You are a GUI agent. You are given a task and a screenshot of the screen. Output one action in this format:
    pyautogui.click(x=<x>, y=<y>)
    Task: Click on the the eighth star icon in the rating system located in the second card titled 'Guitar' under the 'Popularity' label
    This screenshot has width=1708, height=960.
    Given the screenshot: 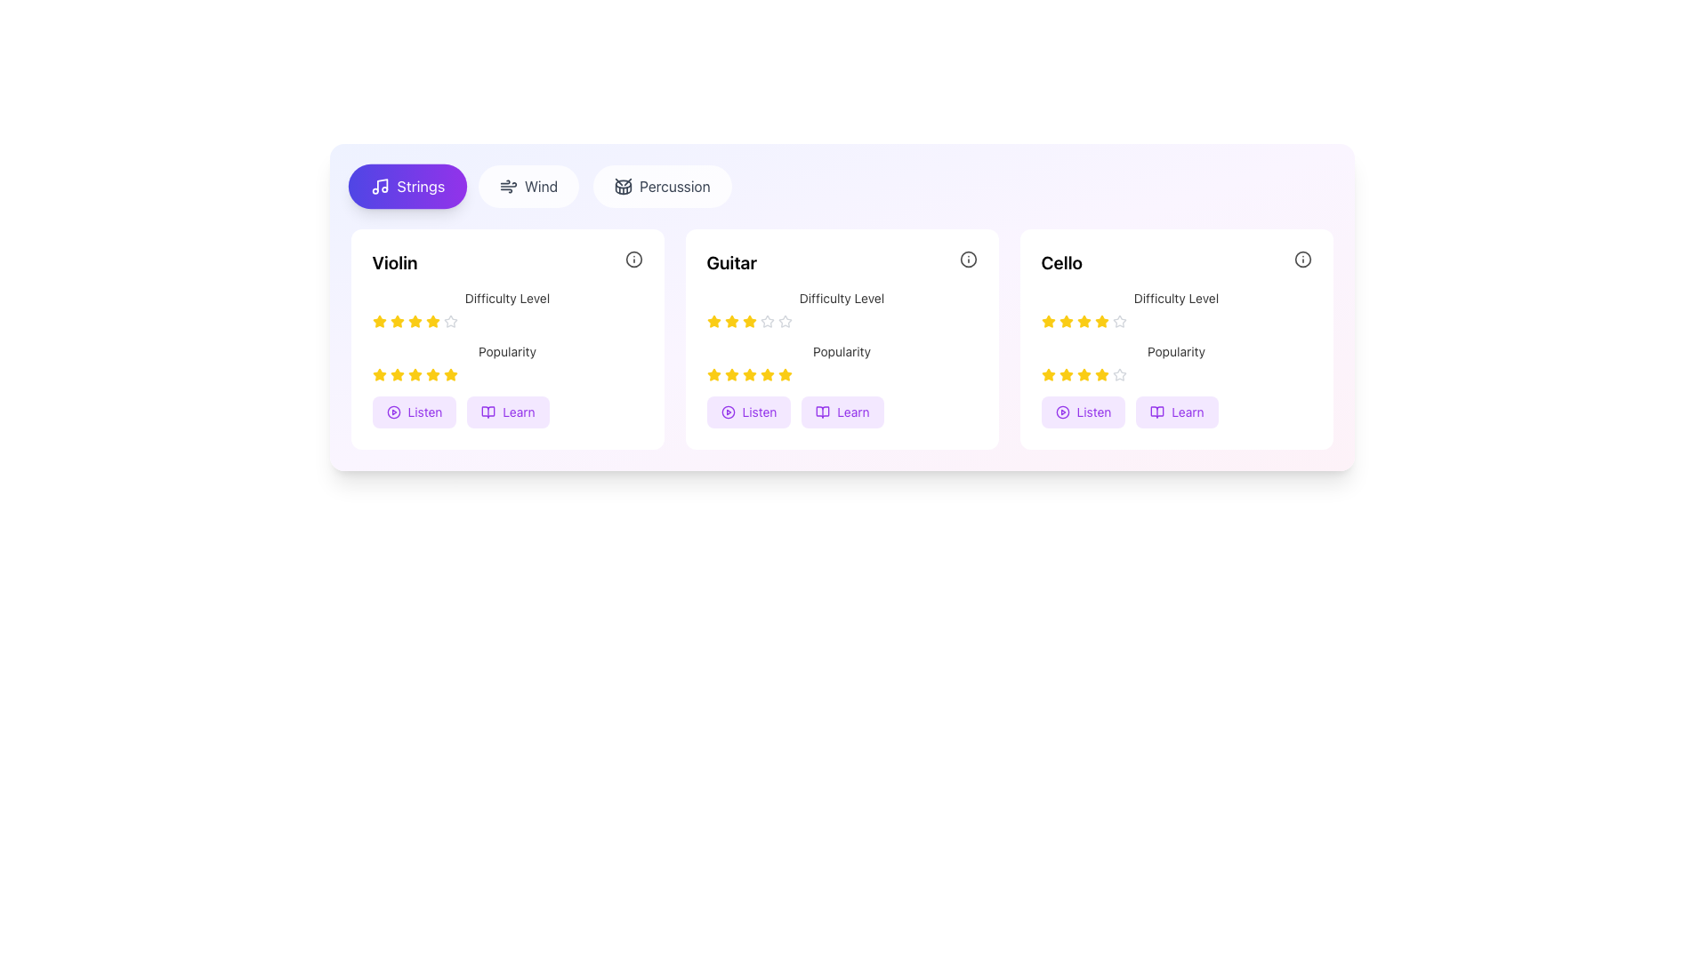 What is the action you would take?
    pyautogui.click(x=784, y=373)
    